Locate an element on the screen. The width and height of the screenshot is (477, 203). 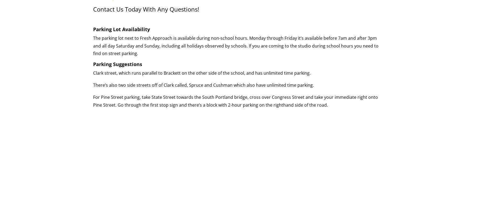
'and all day Saturday and Sunday, including all holidays observed by schools. If you are coming to the studio during school hours you need to find' is located at coordinates (236, 49).